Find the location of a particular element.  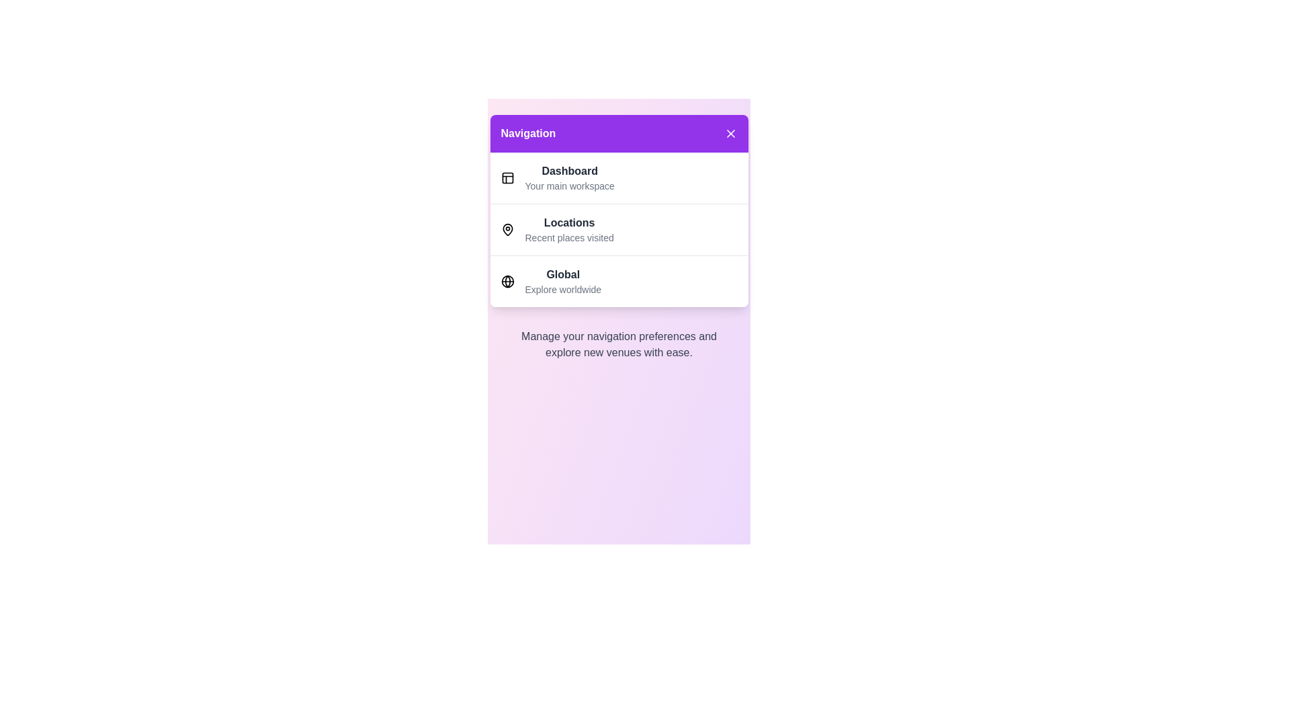

the menu item Dashboard to explore its details is located at coordinates (570, 177).